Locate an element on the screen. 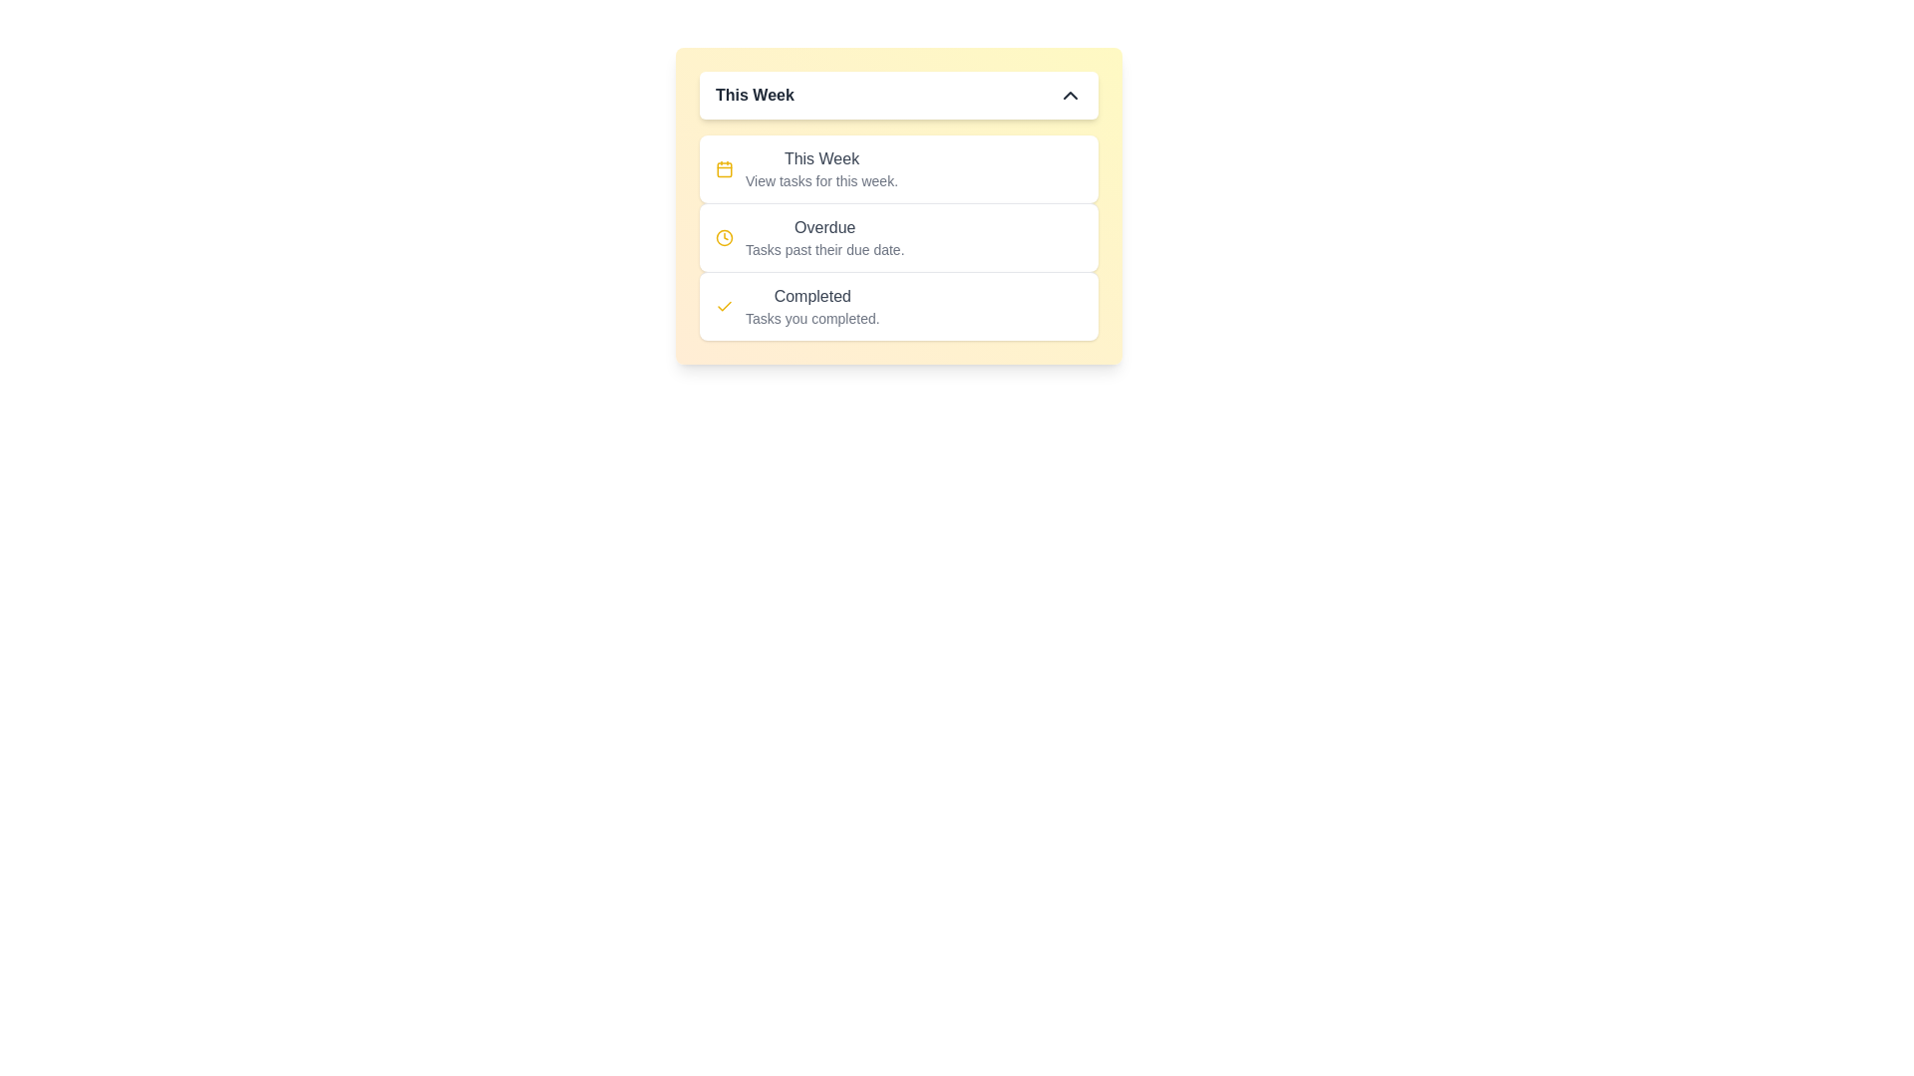  the task category Completed by clicking on the corresponding item in the list is located at coordinates (898, 306).